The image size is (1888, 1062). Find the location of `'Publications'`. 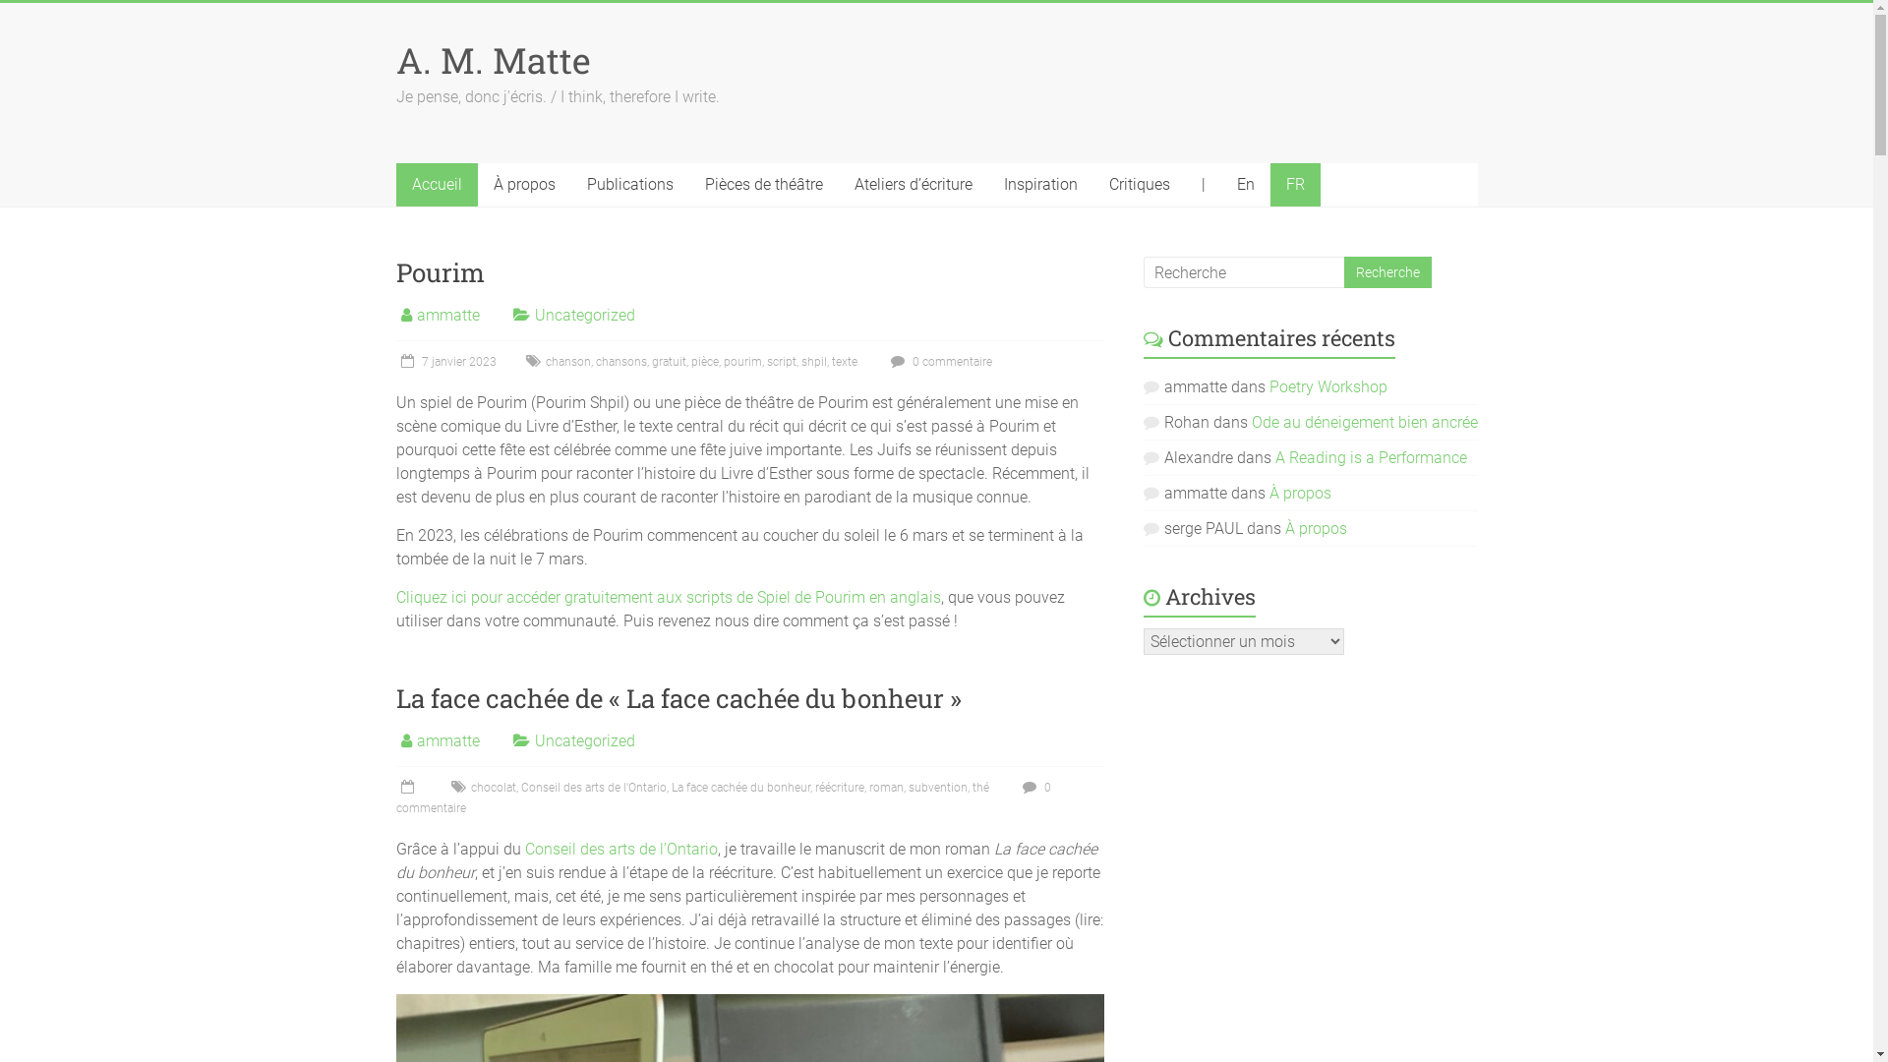

'Publications' is located at coordinates (569, 185).